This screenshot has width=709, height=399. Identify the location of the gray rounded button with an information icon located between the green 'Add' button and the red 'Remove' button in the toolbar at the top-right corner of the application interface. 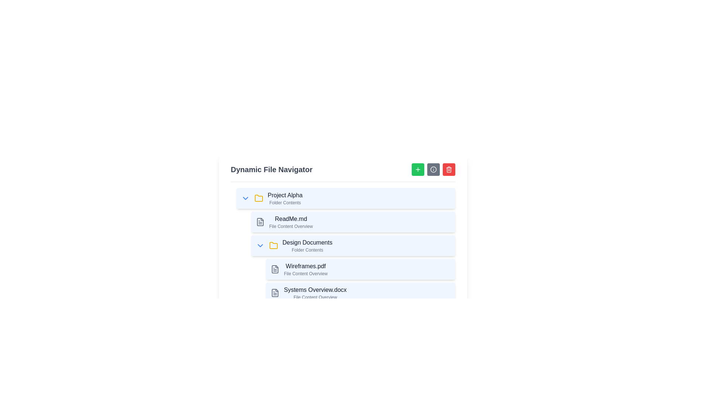
(434, 170).